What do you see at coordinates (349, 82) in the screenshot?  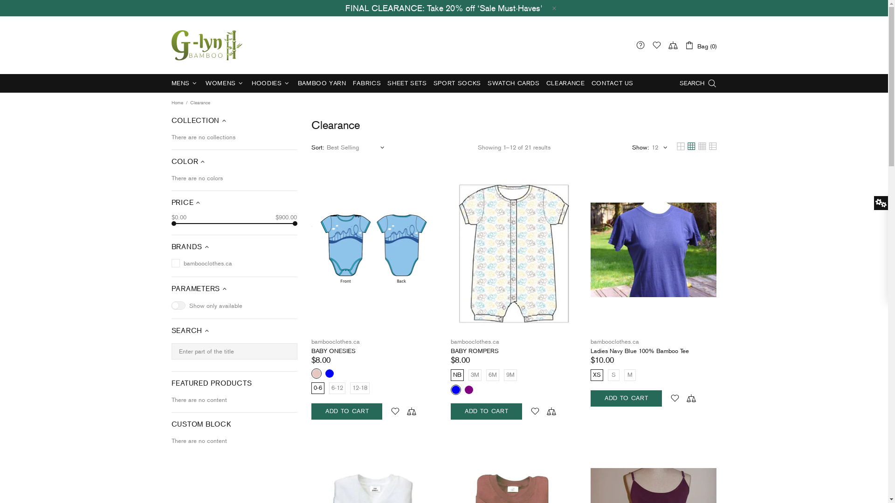 I see `'FABRICS'` at bounding box center [349, 82].